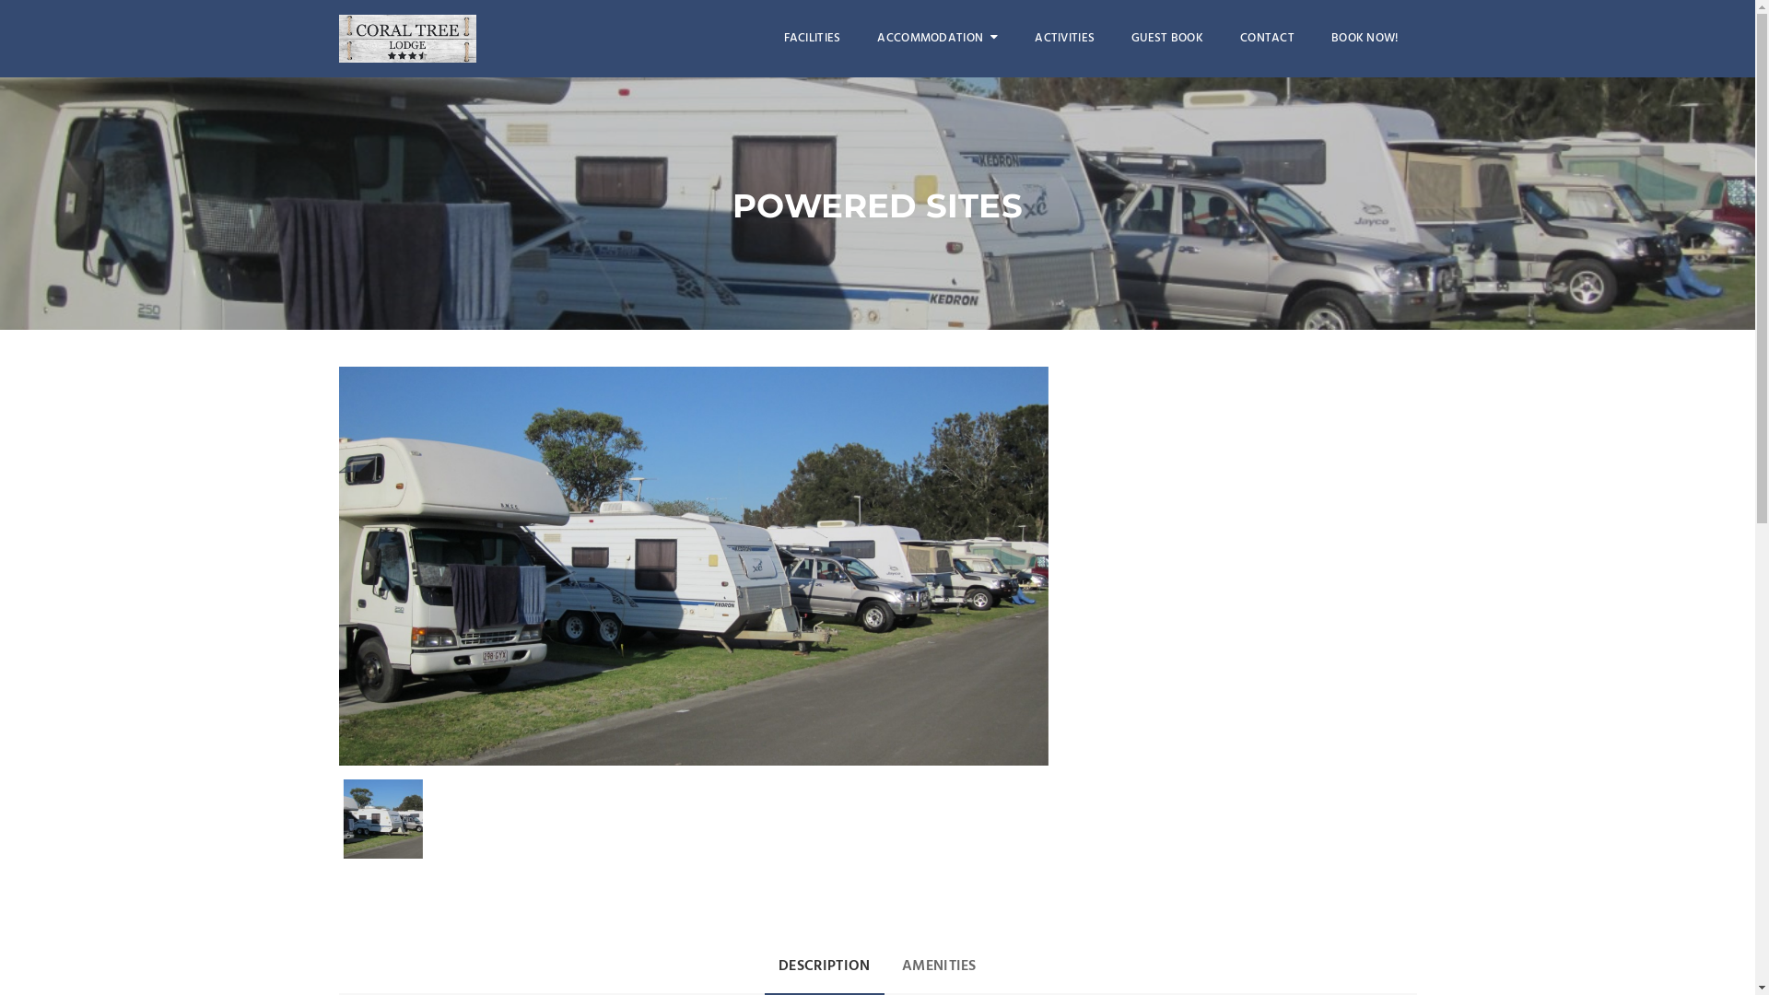 This screenshot has height=995, width=1769. I want to click on 'GUEST BOOK', so click(1112, 39).